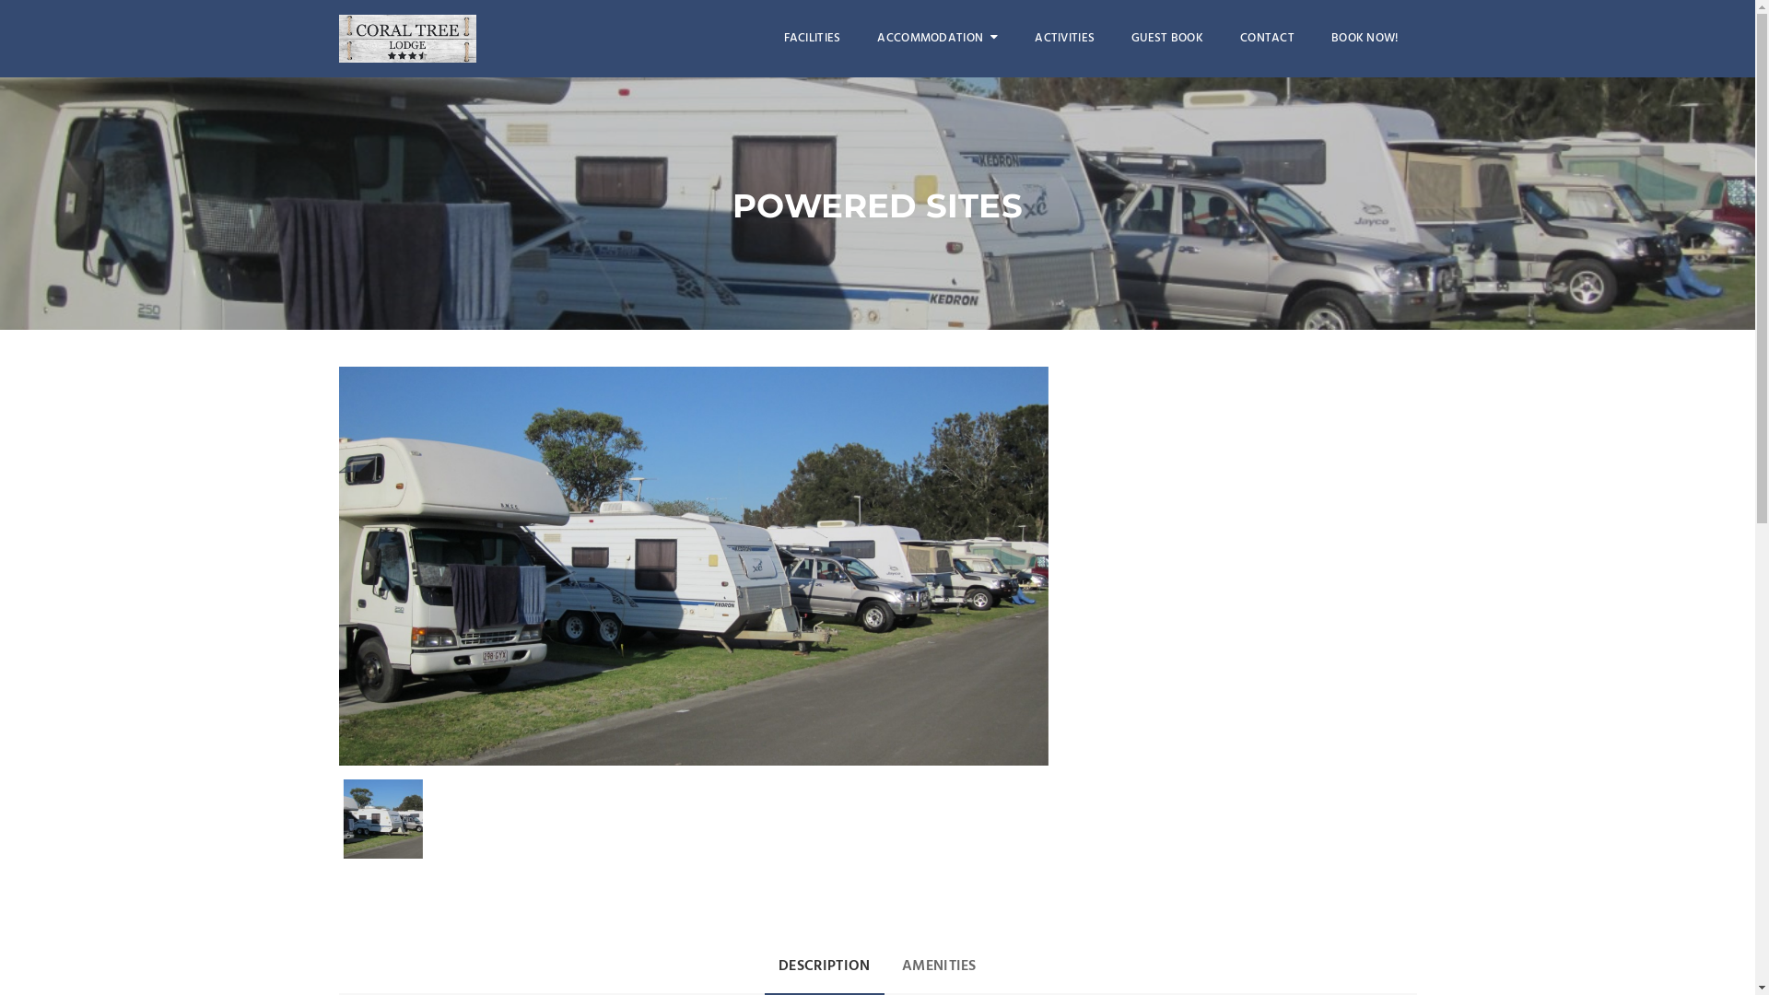 This screenshot has height=995, width=1769. I want to click on 'GUEST BOOK', so click(1112, 39).